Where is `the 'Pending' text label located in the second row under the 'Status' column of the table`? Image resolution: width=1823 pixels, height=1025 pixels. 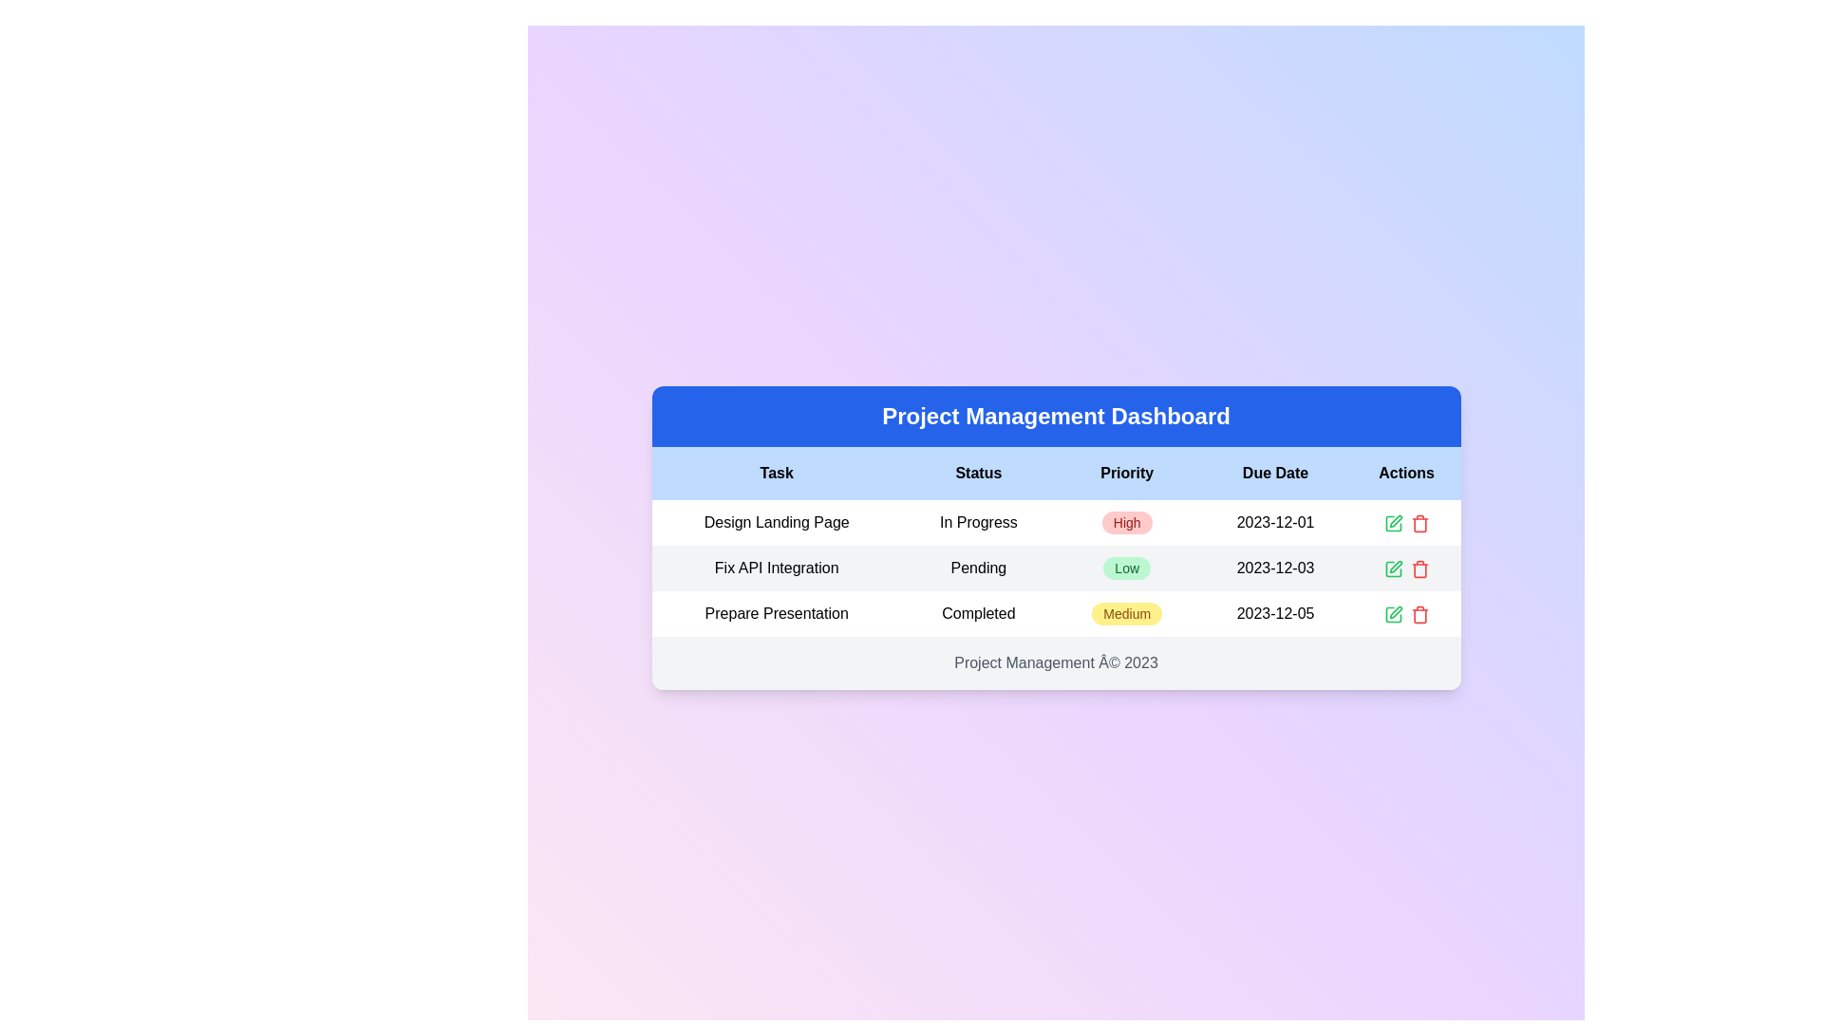
the 'Pending' text label located in the second row under the 'Status' column of the table is located at coordinates (978, 567).